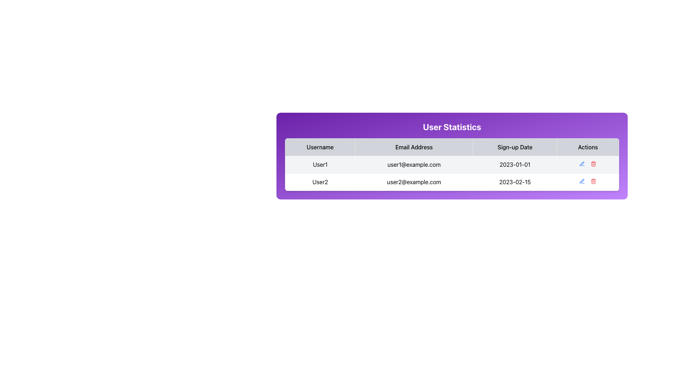 The width and height of the screenshot is (684, 384). Describe the element at coordinates (594, 164) in the screenshot. I see `the delete icon located in the topmost row of the 'Actions' column in the 'User Statistics' table` at that location.